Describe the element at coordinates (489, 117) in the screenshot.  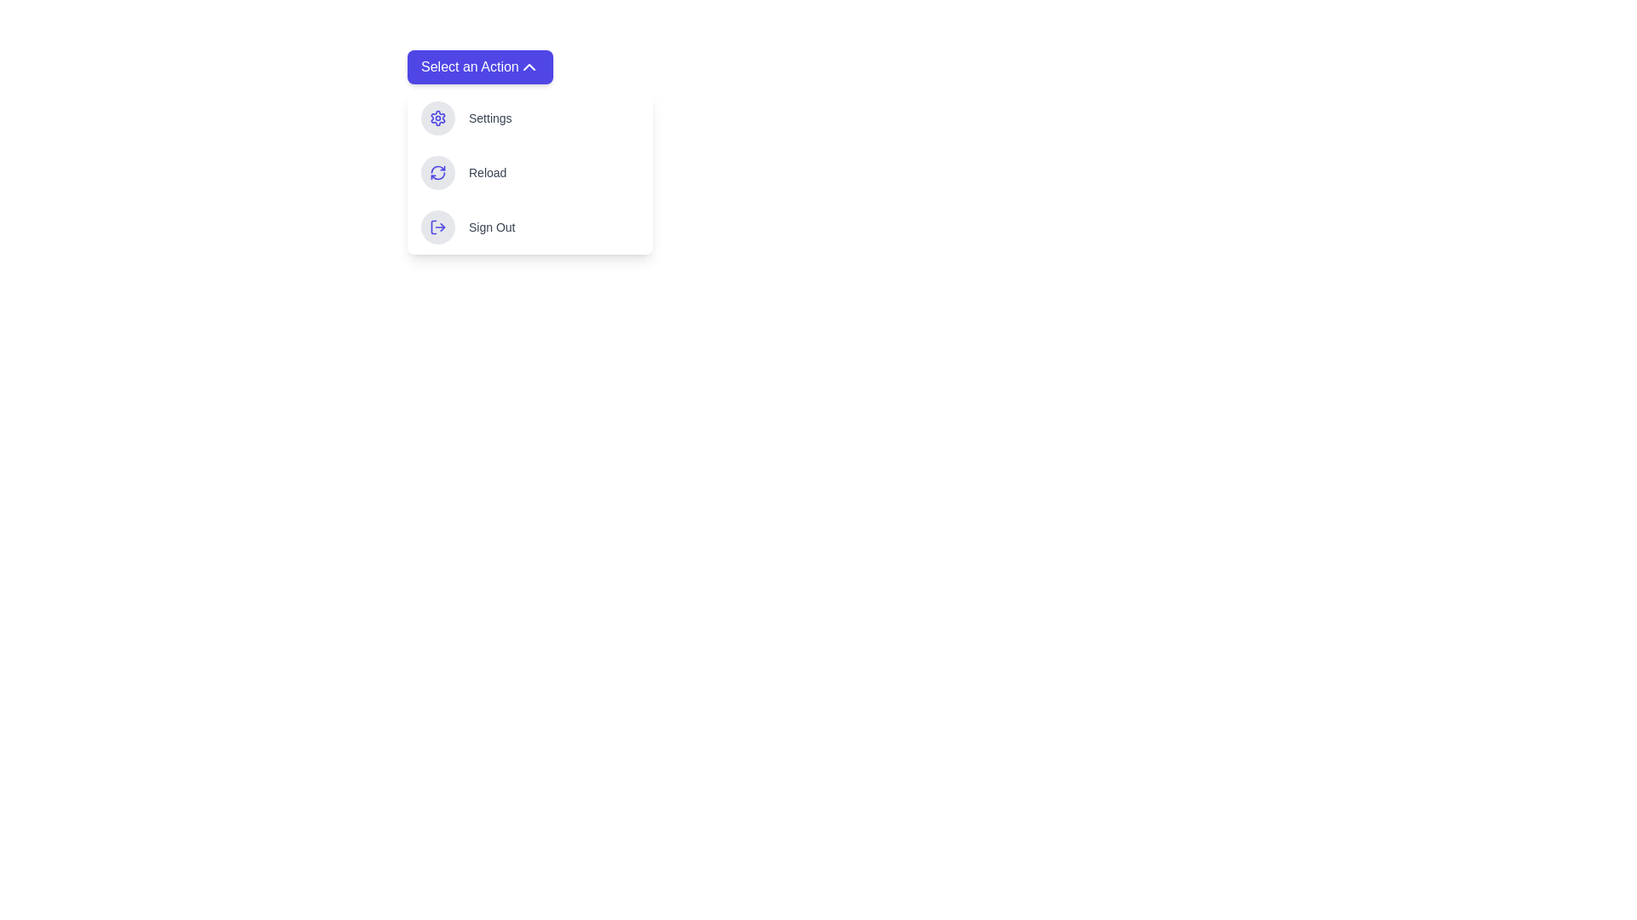
I see `the 'Settings' text label in the selectable menu` at that location.